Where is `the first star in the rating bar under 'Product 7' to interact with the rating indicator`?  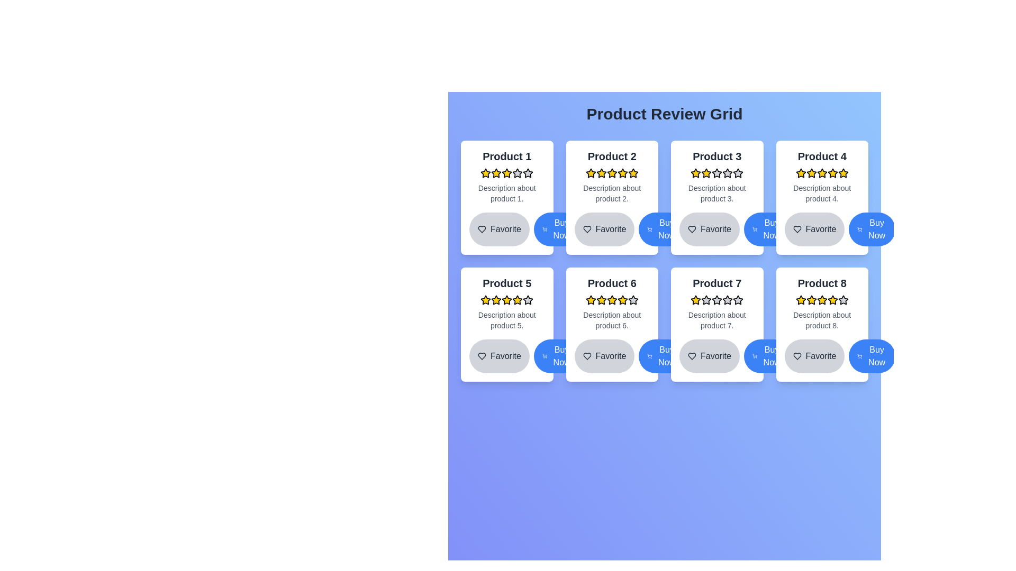 the first star in the rating bar under 'Product 7' to interact with the rating indicator is located at coordinates (696, 300).